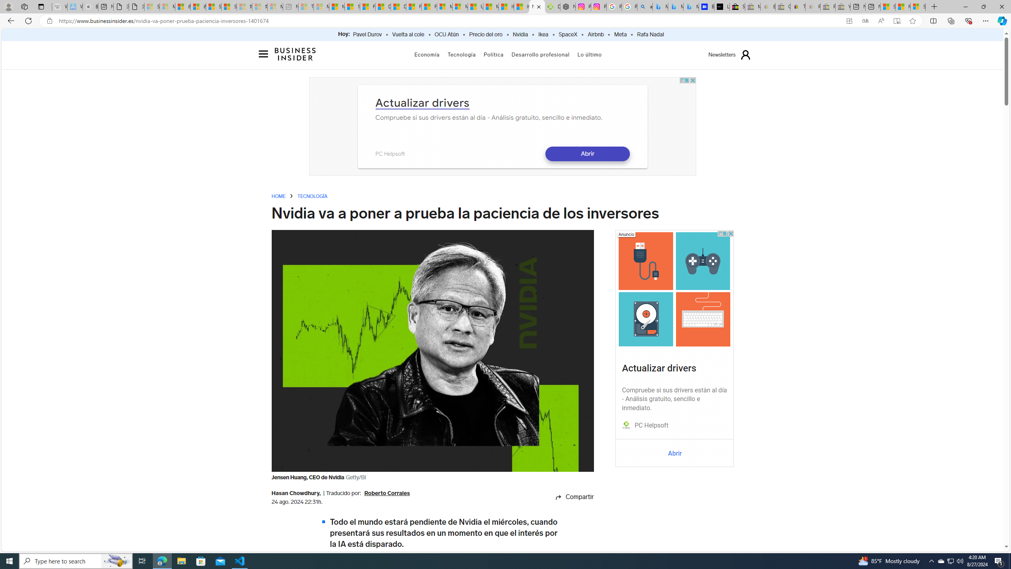 The height and width of the screenshot is (569, 1011). Describe the element at coordinates (843, 6) in the screenshot. I see `'Yard, Garden & Outdoor Living - Sleeping'` at that location.